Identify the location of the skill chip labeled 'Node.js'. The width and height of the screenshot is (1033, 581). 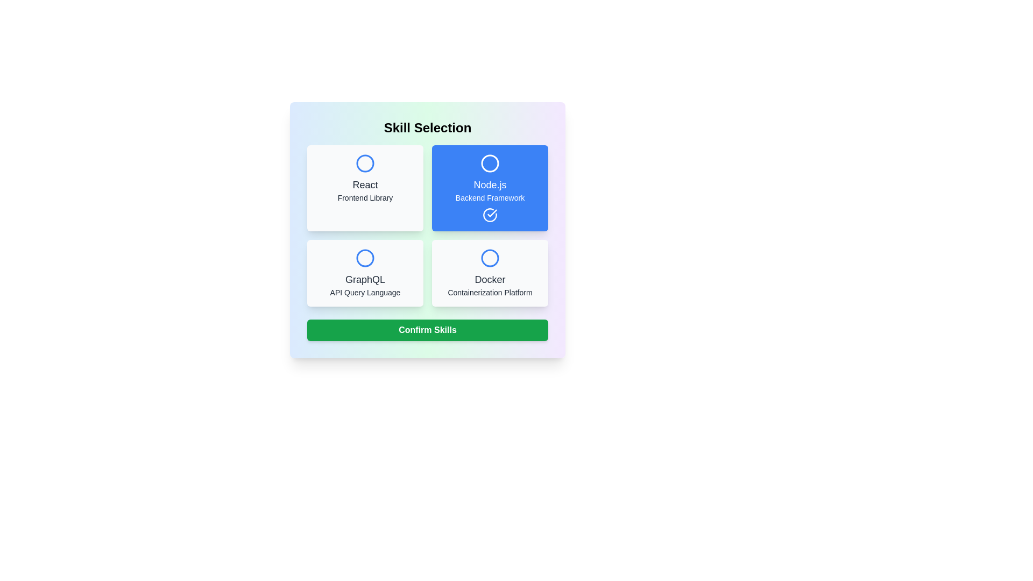
(490, 188).